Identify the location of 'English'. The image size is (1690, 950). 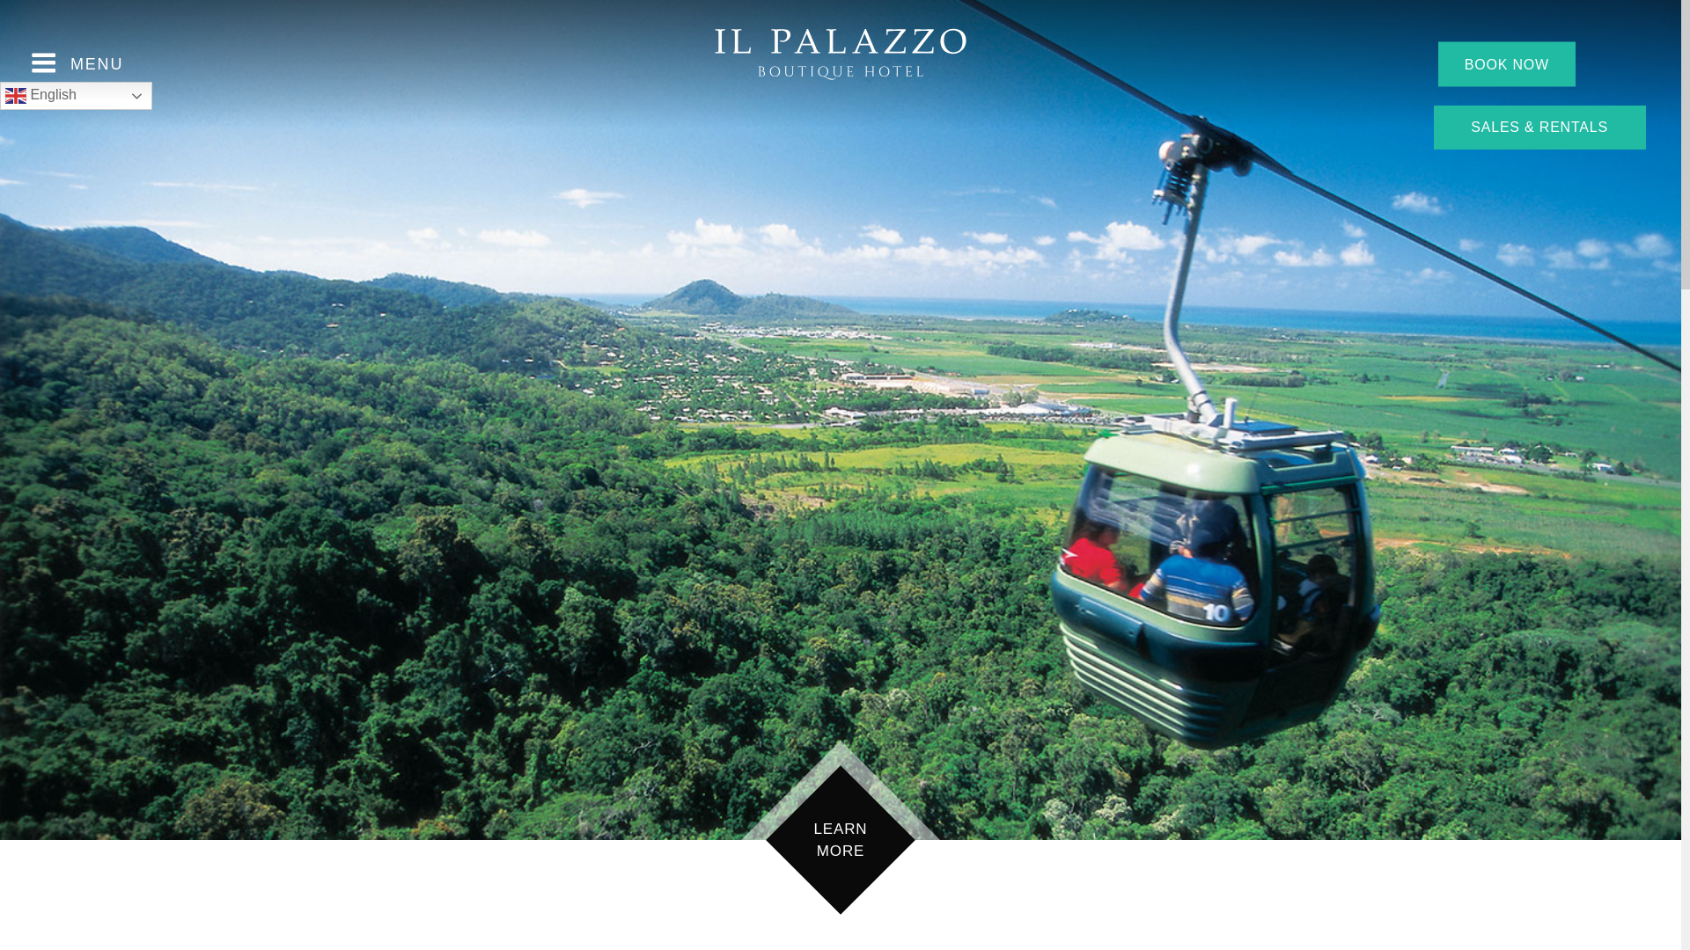
(0, 95).